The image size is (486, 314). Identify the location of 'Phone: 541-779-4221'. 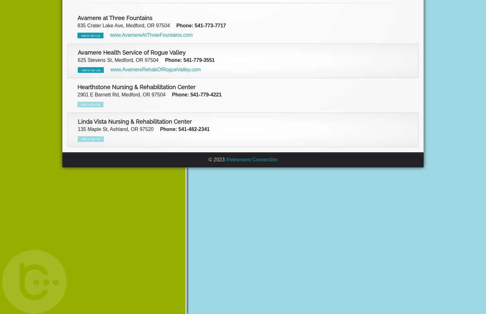
(196, 94).